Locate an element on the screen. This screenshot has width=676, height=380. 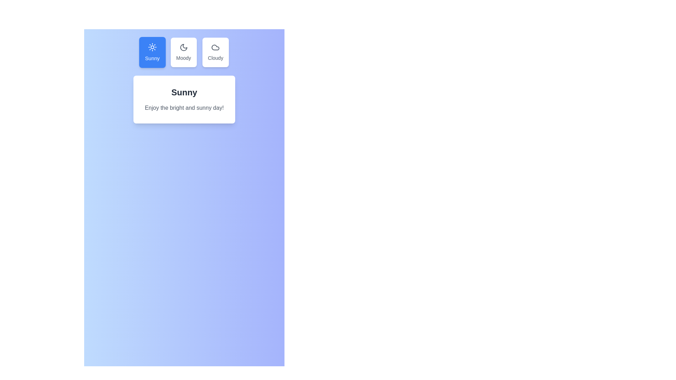
the Moody tab to select it is located at coordinates (183, 52).